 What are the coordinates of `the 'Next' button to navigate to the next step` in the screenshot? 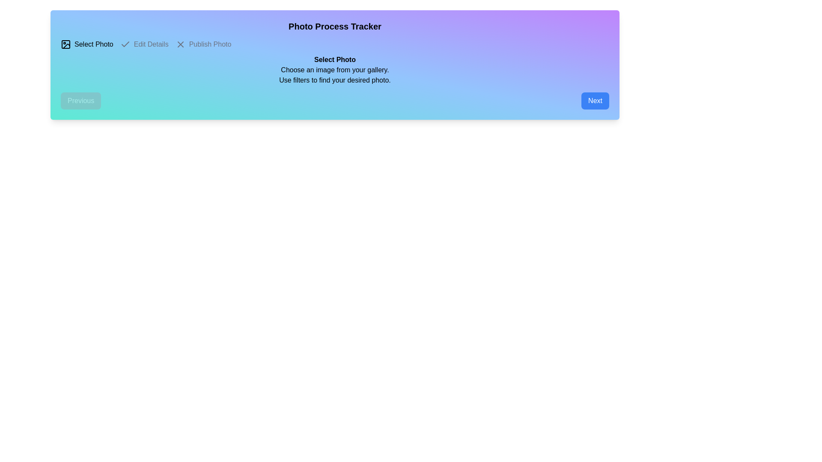 It's located at (595, 100).